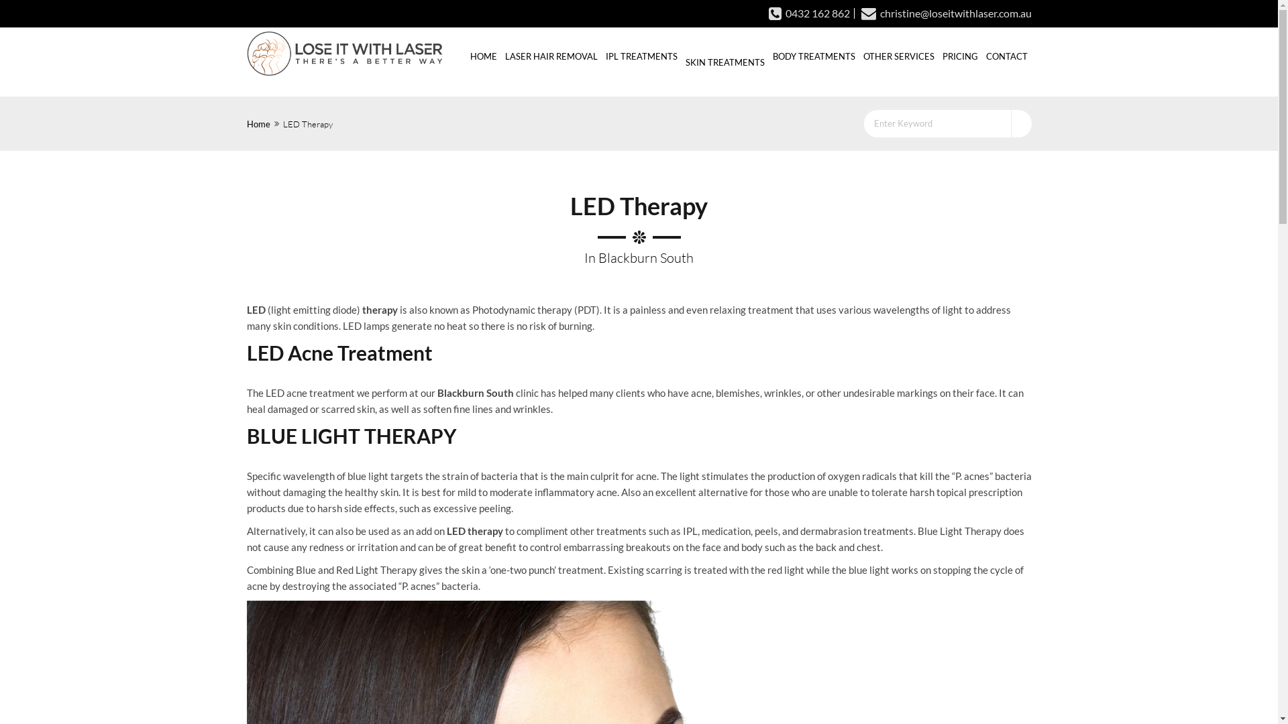 Image resolution: width=1288 pixels, height=724 pixels. Describe the element at coordinates (345, 54) in the screenshot. I see `'Lose It With Laser'` at that location.